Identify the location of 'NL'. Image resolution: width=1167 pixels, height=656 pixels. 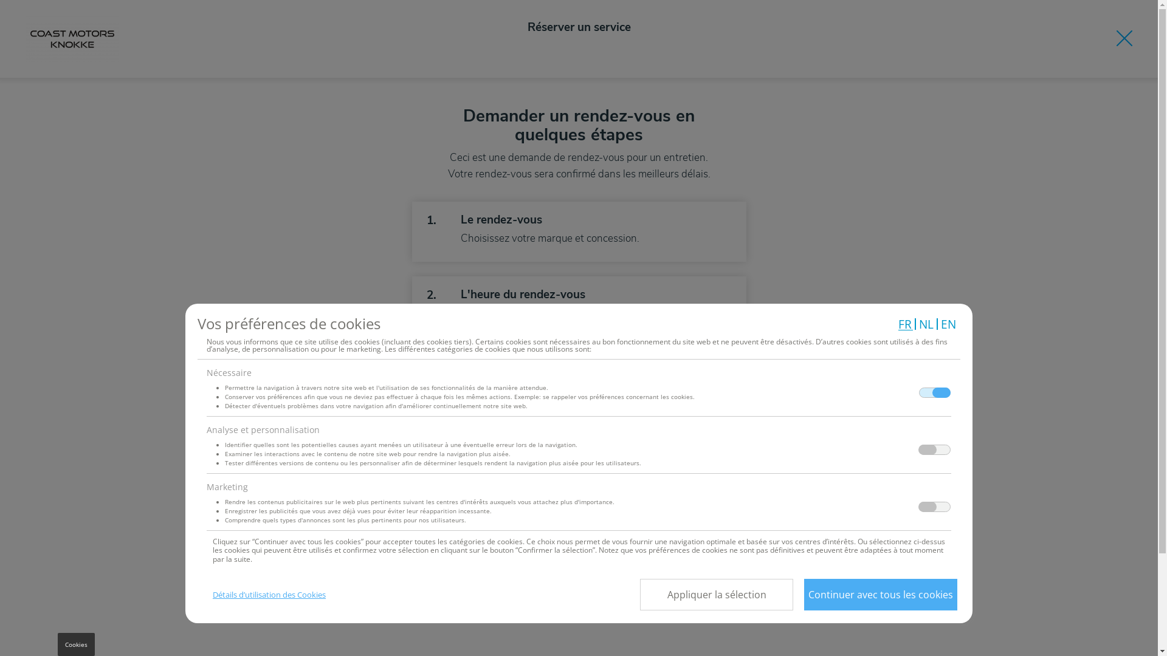
(926, 323).